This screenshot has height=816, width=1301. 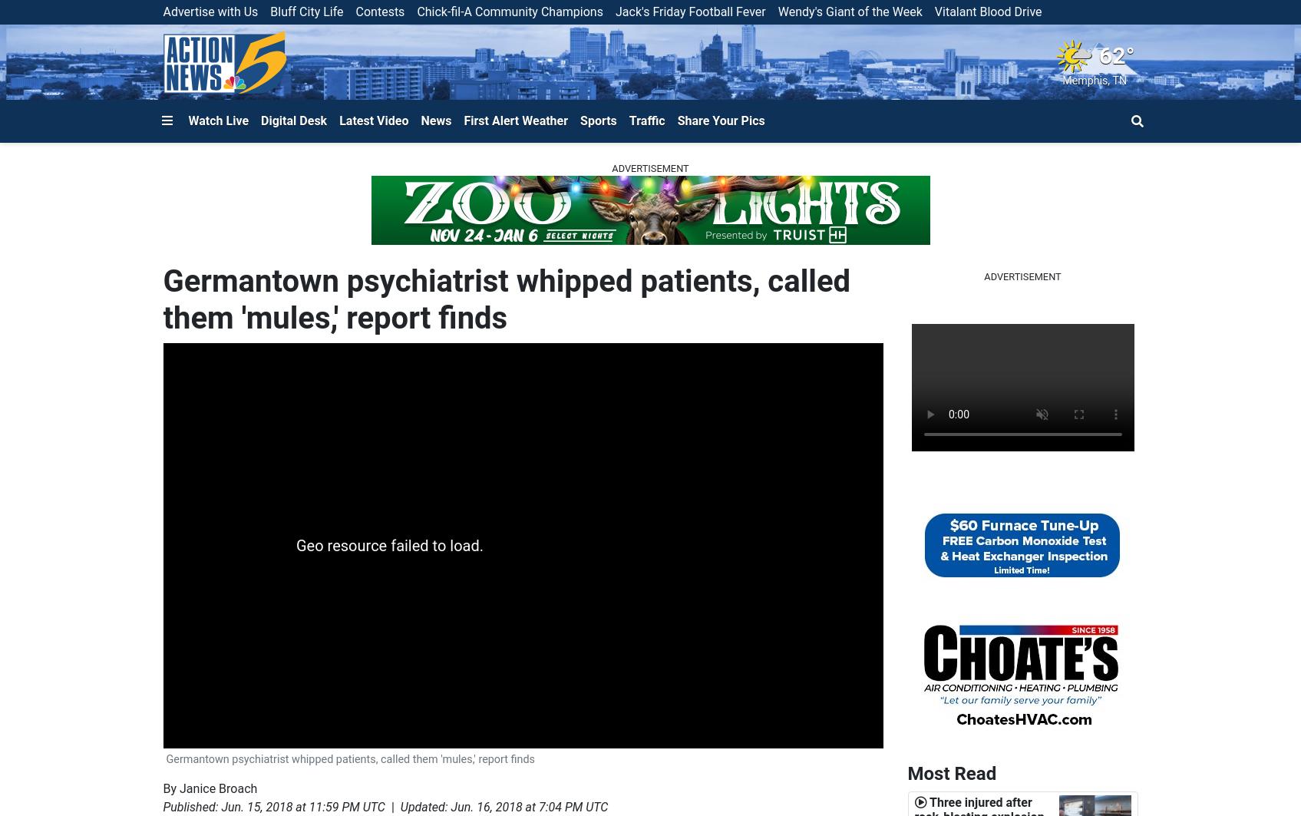 I want to click on 'Contests', so click(x=378, y=12).